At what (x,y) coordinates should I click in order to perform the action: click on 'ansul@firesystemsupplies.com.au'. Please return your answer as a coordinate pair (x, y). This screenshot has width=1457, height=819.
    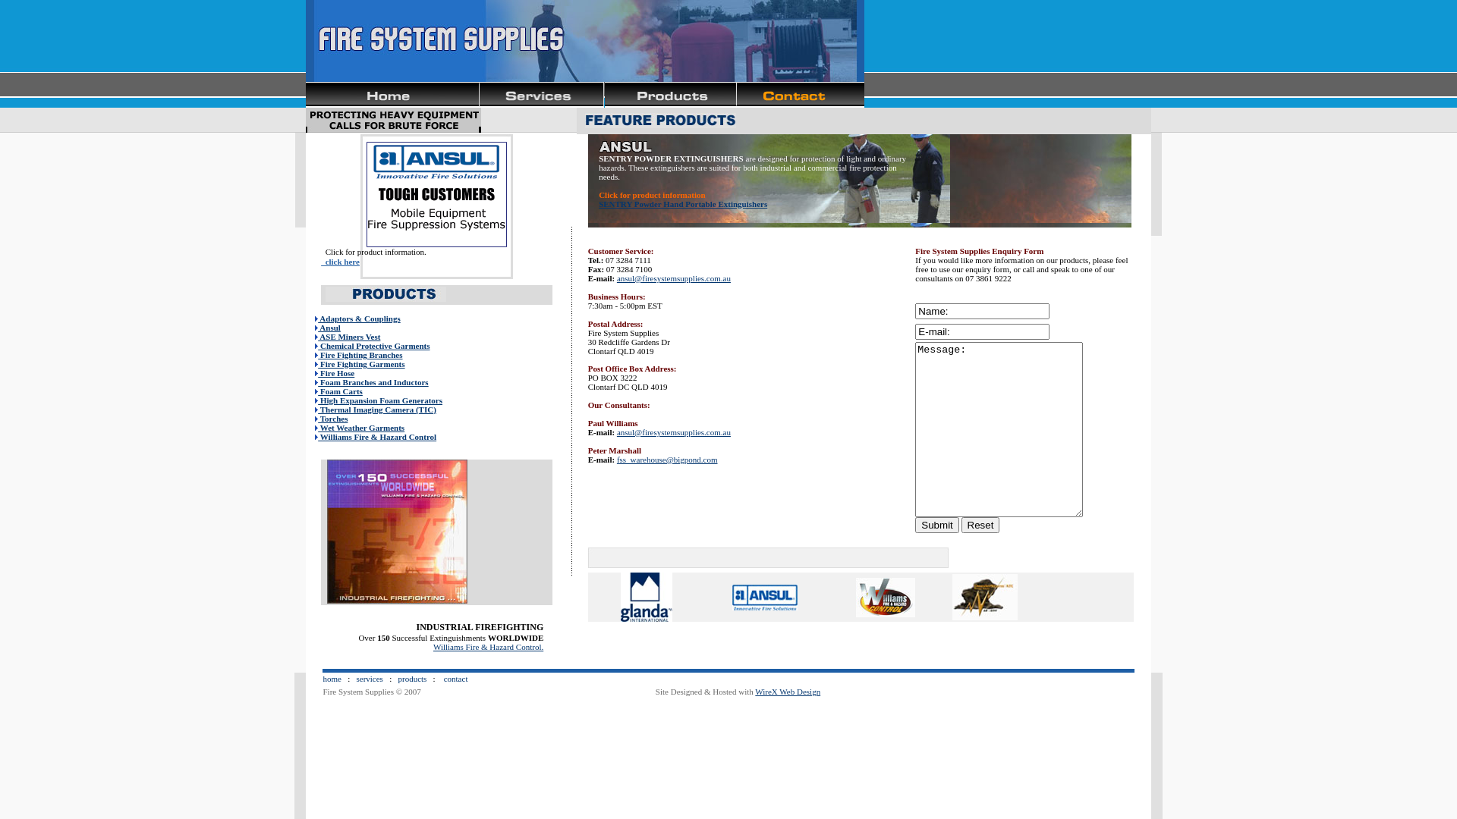
    Looking at the image, I should click on (673, 432).